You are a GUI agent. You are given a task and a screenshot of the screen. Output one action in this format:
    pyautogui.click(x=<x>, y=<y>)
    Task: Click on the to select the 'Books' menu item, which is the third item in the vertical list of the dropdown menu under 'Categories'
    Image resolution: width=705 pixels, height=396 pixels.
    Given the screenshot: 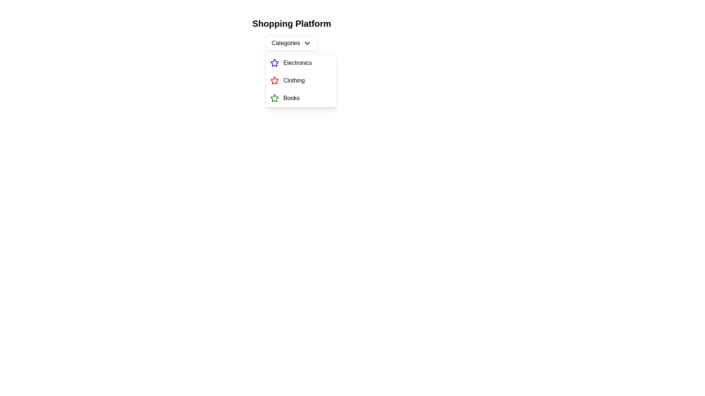 What is the action you would take?
    pyautogui.click(x=301, y=98)
    